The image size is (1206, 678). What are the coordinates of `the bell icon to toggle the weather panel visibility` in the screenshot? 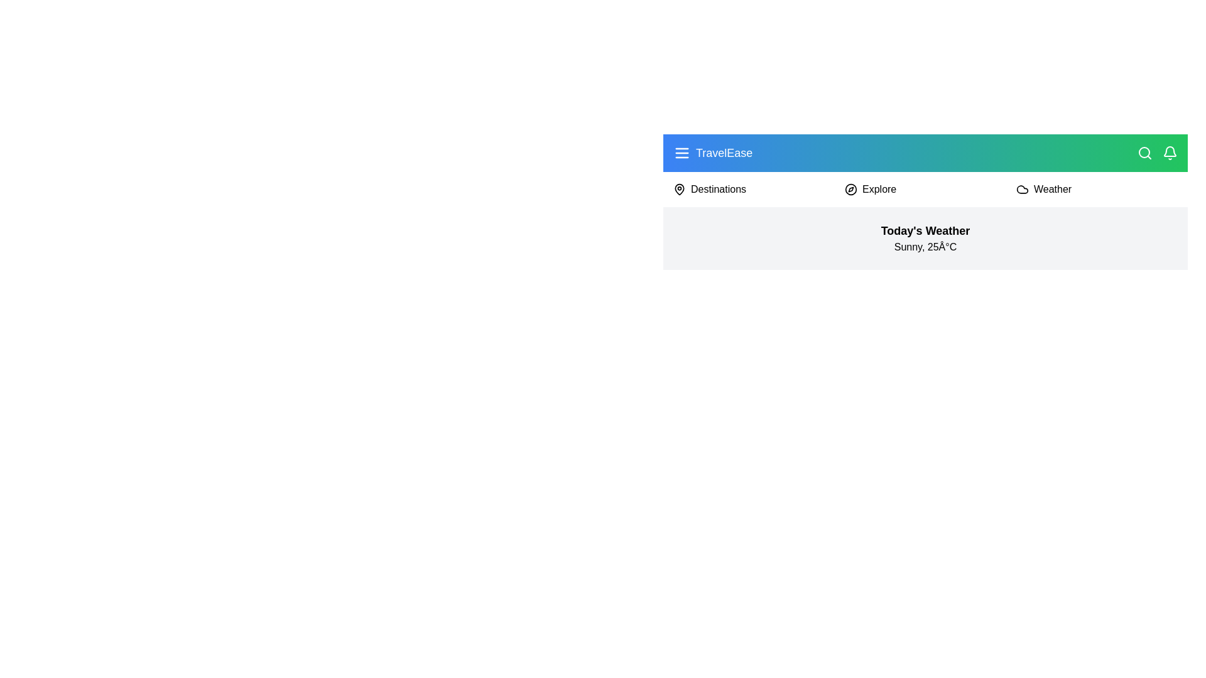 It's located at (1169, 152).